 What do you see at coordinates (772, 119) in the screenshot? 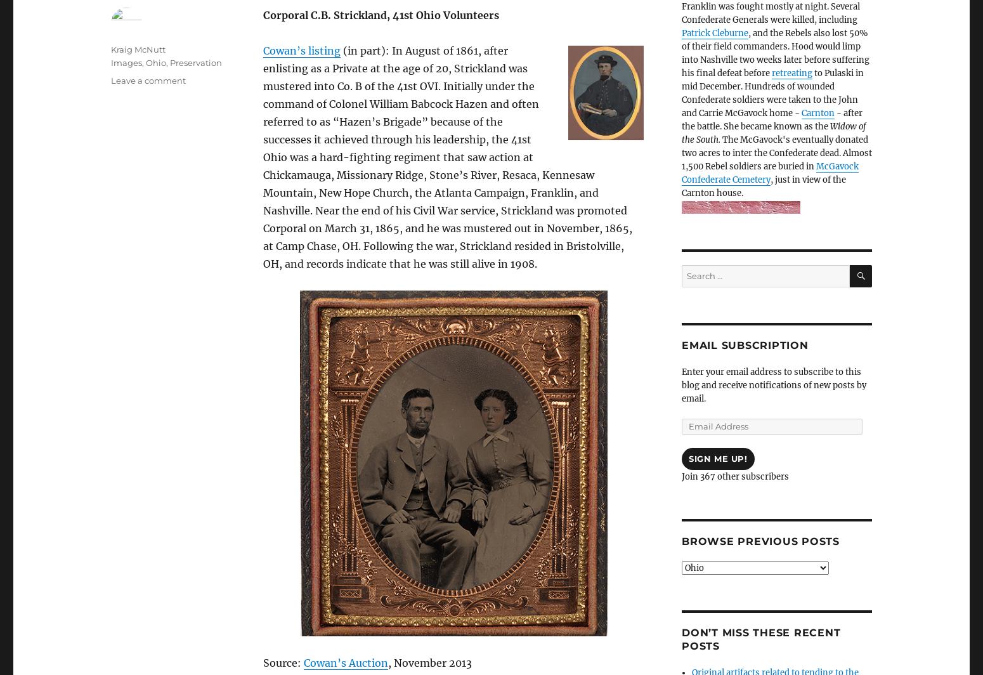
I see `'- after the battle. She became known as the'` at bounding box center [772, 119].